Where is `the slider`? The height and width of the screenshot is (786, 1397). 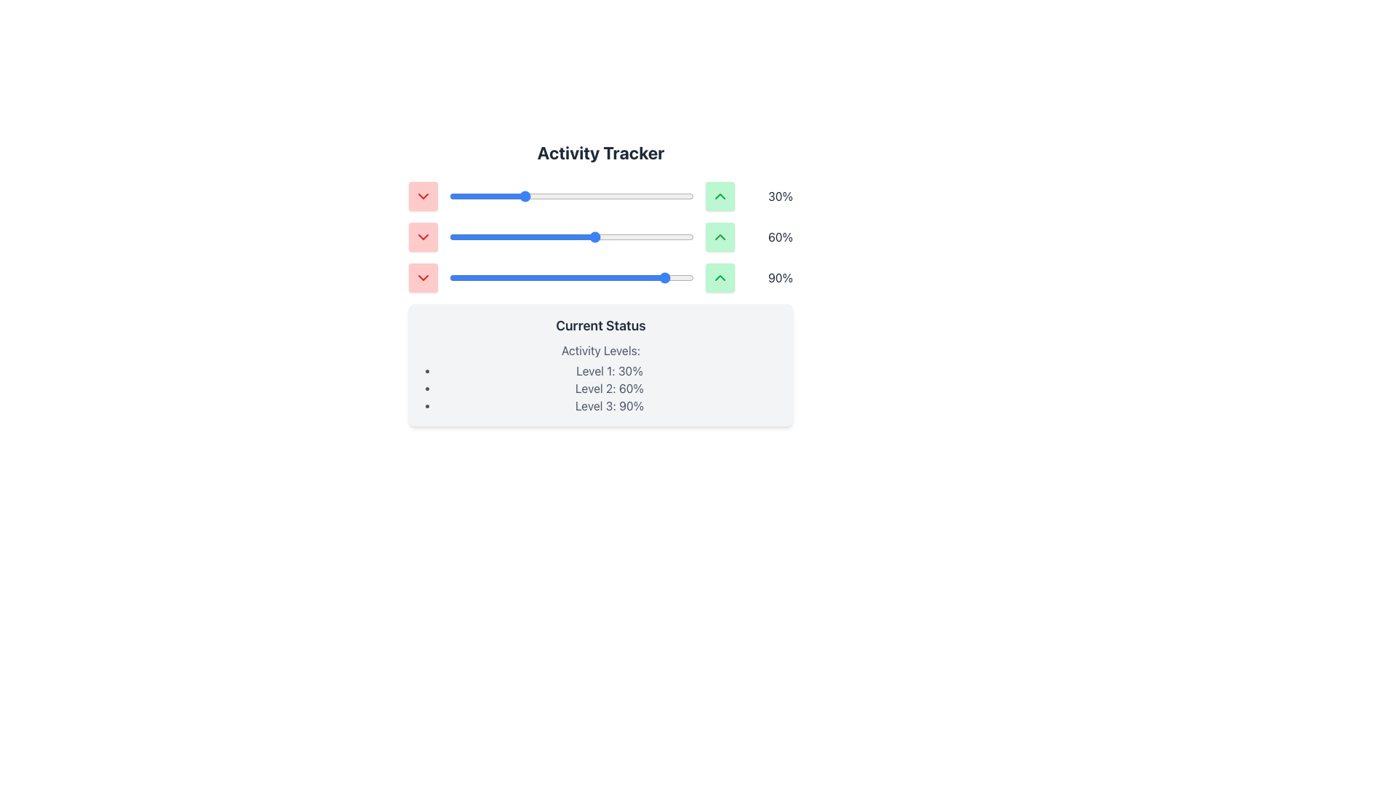
the slider is located at coordinates (476, 277).